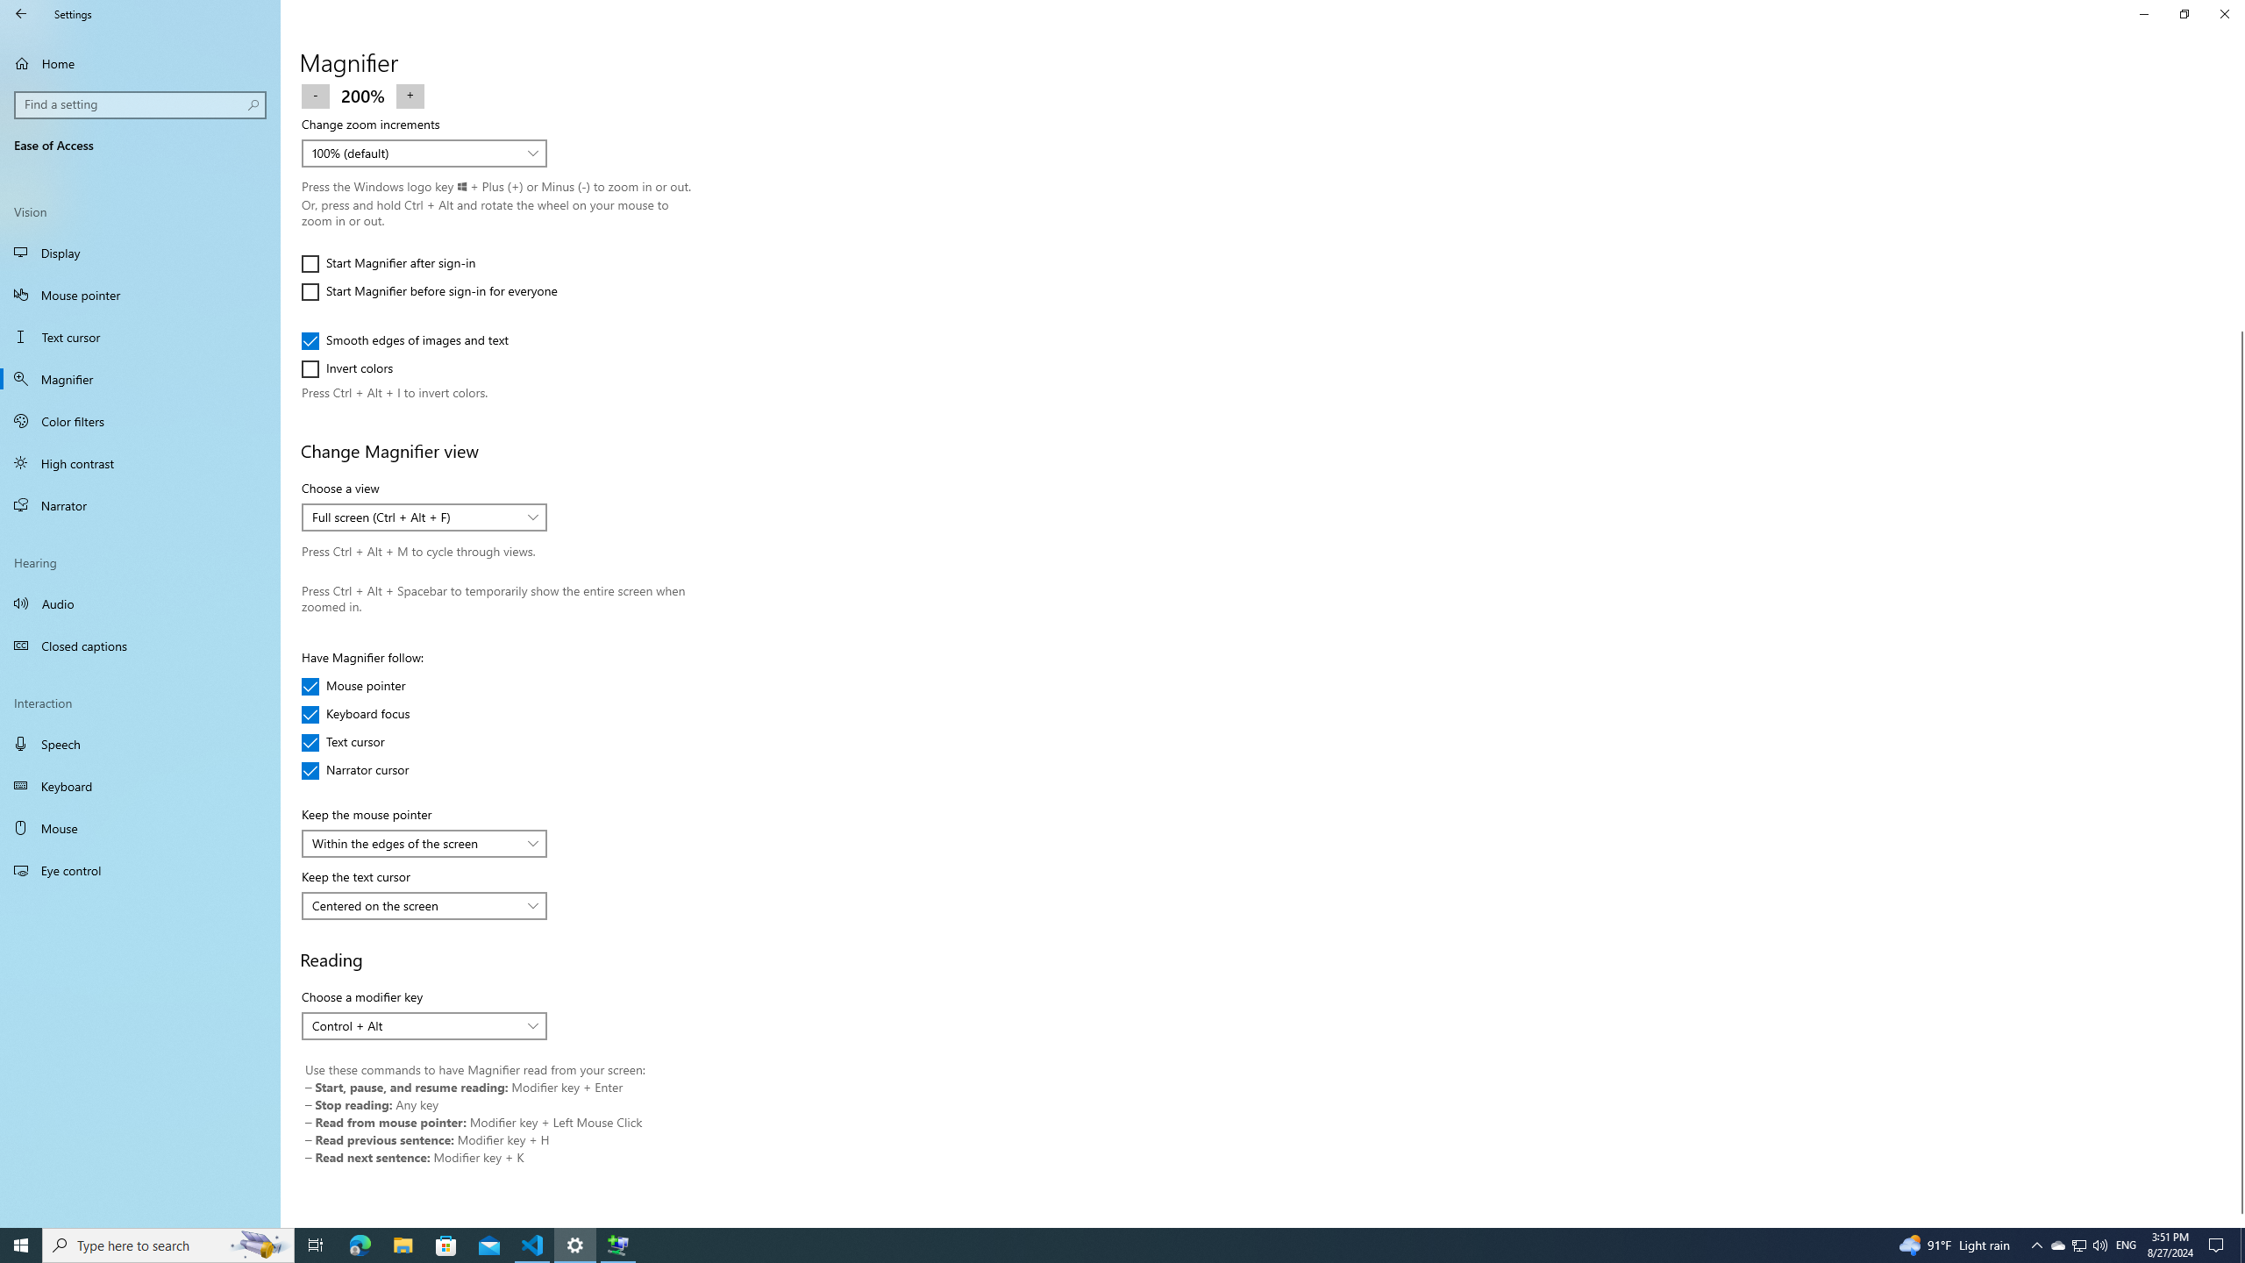  Describe the element at coordinates (139, 786) in the screenshot. I see `'Keyboard'` at that location.